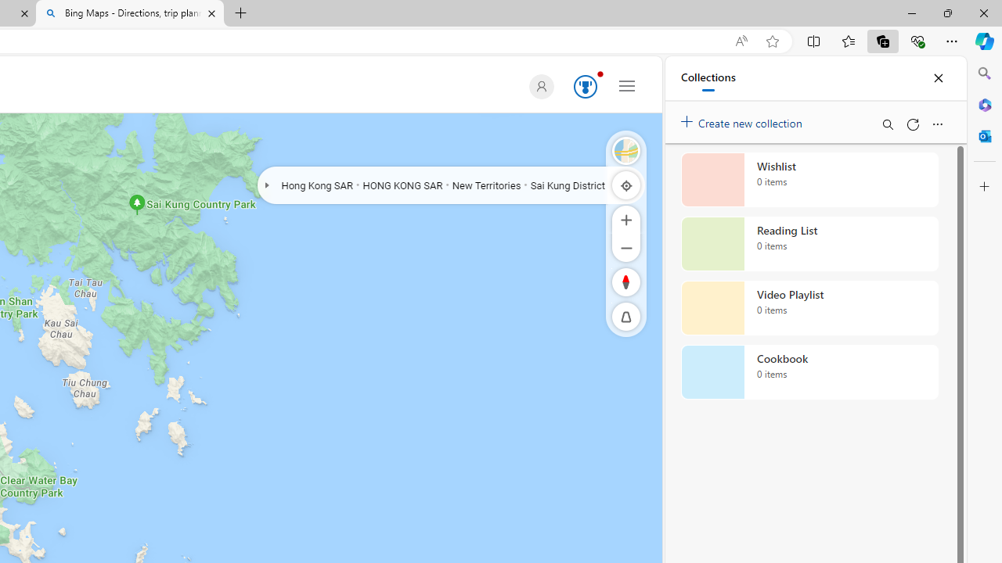 The width and height of the screenshot is (1002, 563). What do you see at coordinates (626, 150) in the screenshot?
I see `'Satellite'` at bounding box center [626, 150].